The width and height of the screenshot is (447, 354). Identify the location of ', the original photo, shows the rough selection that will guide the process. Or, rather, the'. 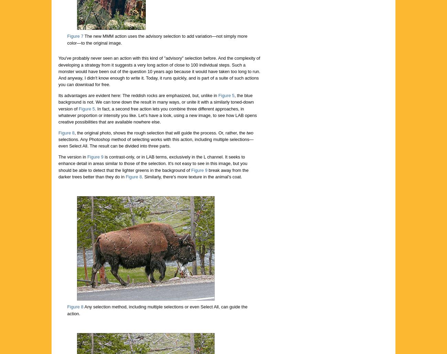
(160, 132).